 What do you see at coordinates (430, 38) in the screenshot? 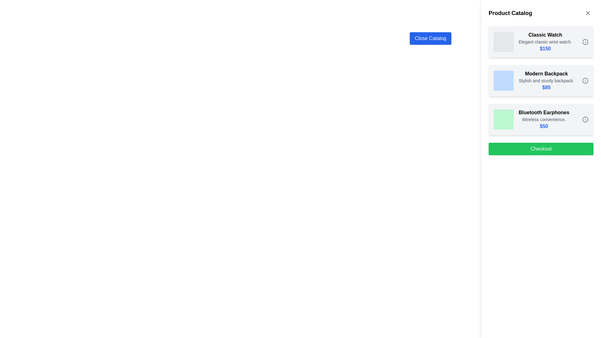
I see `the button located at the top-left corner of the product catalog view` at bounding box center [430, 38].